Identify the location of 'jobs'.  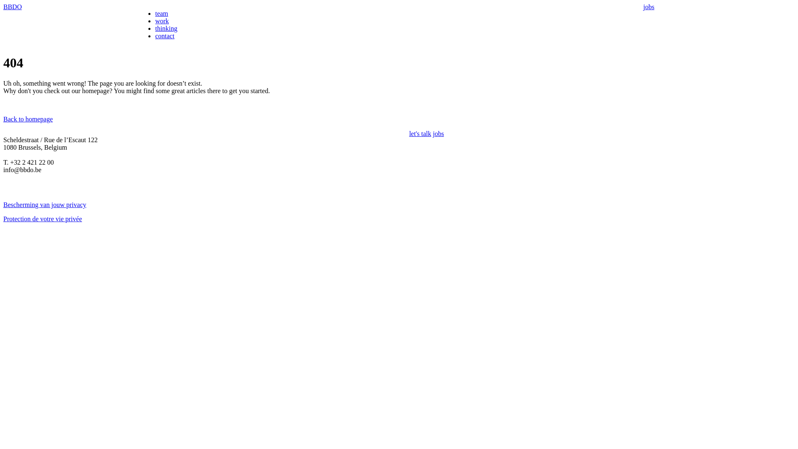
(648, 7).